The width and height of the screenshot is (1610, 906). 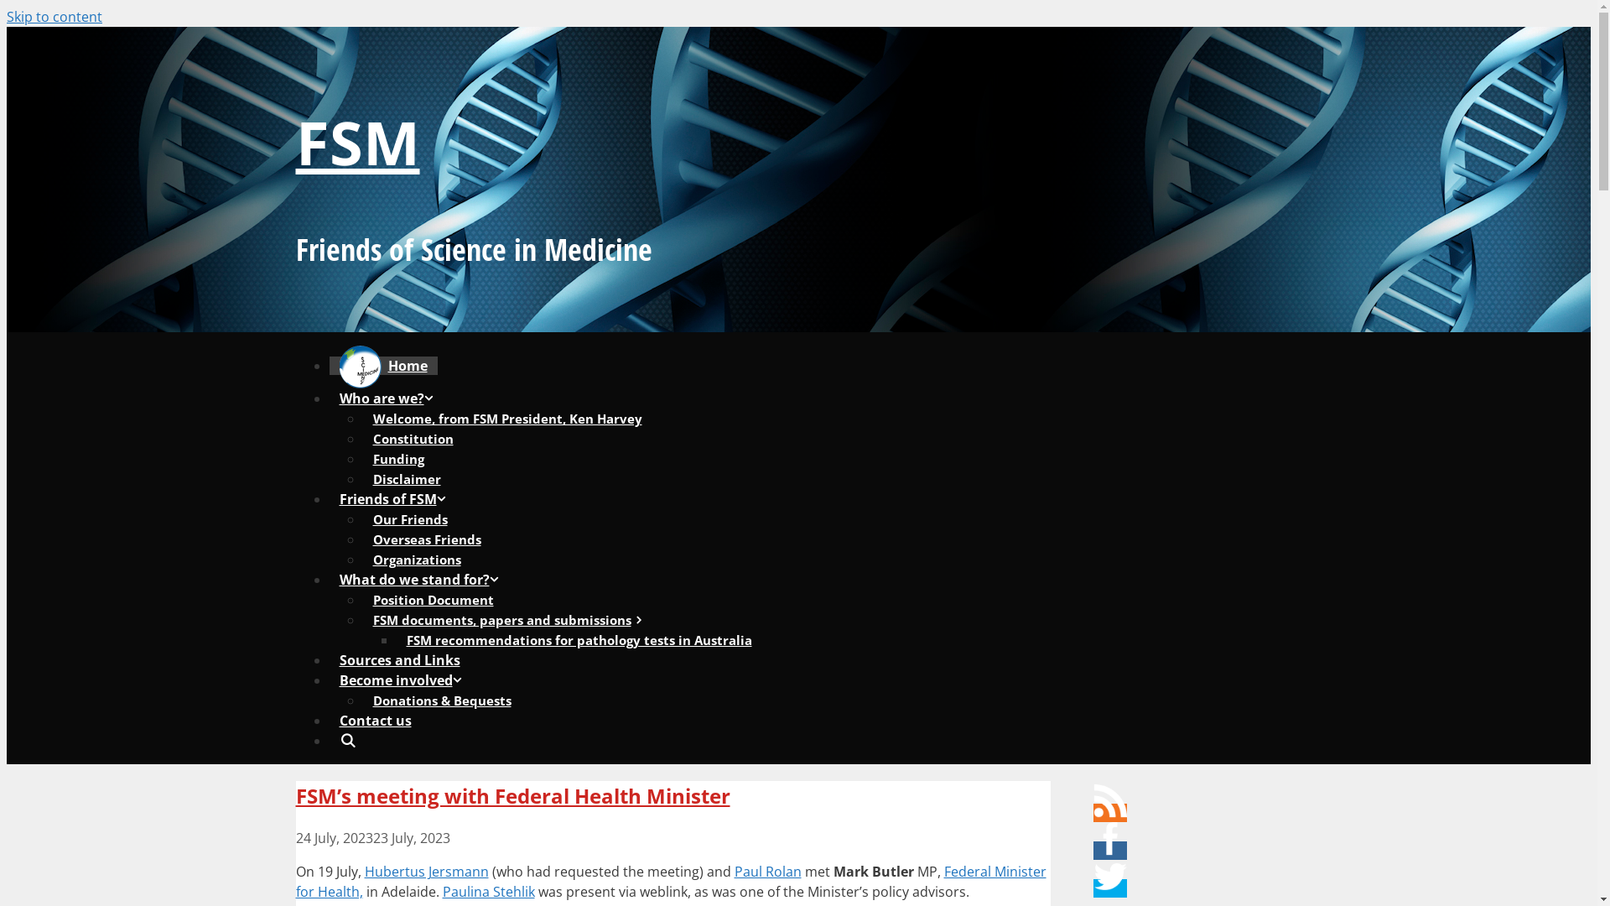 What do you see at coordinates (409, 518) in the screenshot?
I see `'Our Friends'` at bounding box center [409, 518].